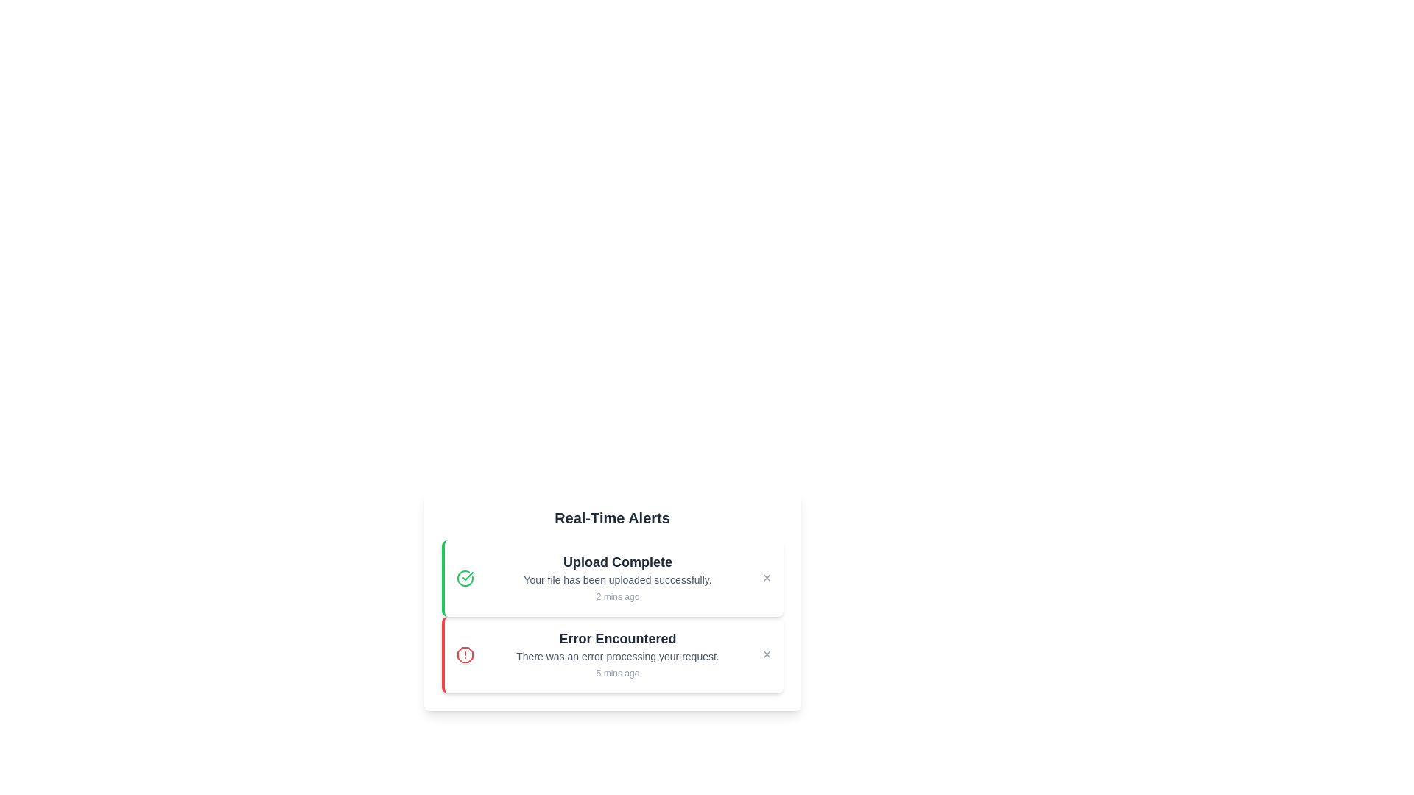  Describe the element at coordinates (618, 673) in the screenshot. I see `the text label displaying '5 mins ago' in light gray, located below the 'Error Encountered' title and above a message description` at that location.